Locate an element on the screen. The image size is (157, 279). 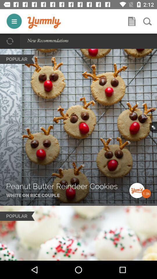
read is located at coordinates (132, 21).